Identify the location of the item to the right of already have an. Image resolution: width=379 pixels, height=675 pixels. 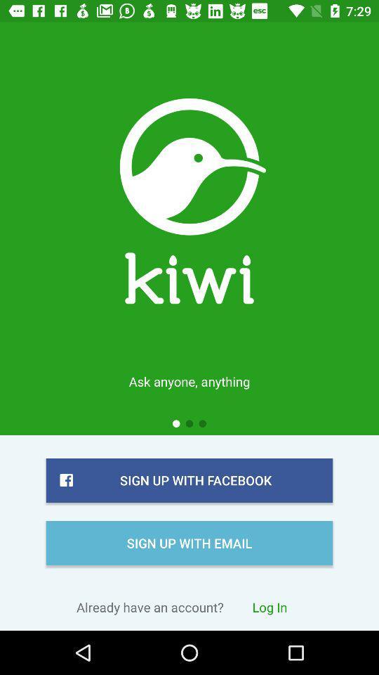
(270, 606).